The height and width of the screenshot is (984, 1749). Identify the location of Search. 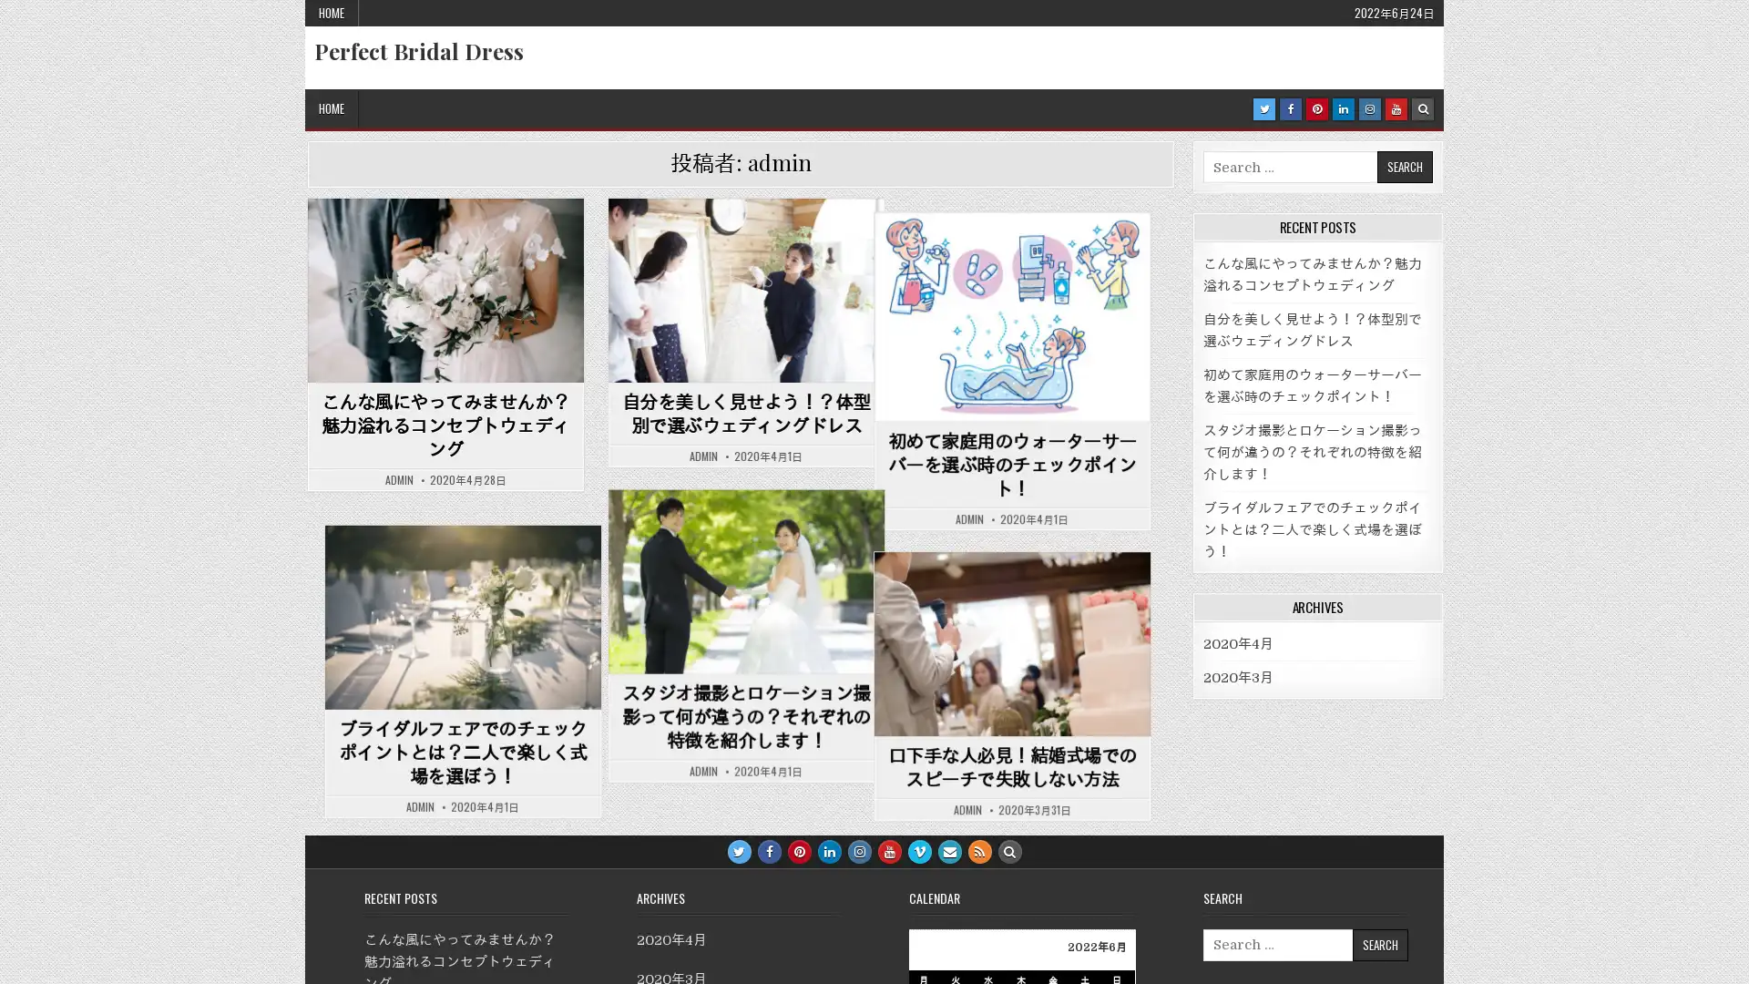
(1379, 943).